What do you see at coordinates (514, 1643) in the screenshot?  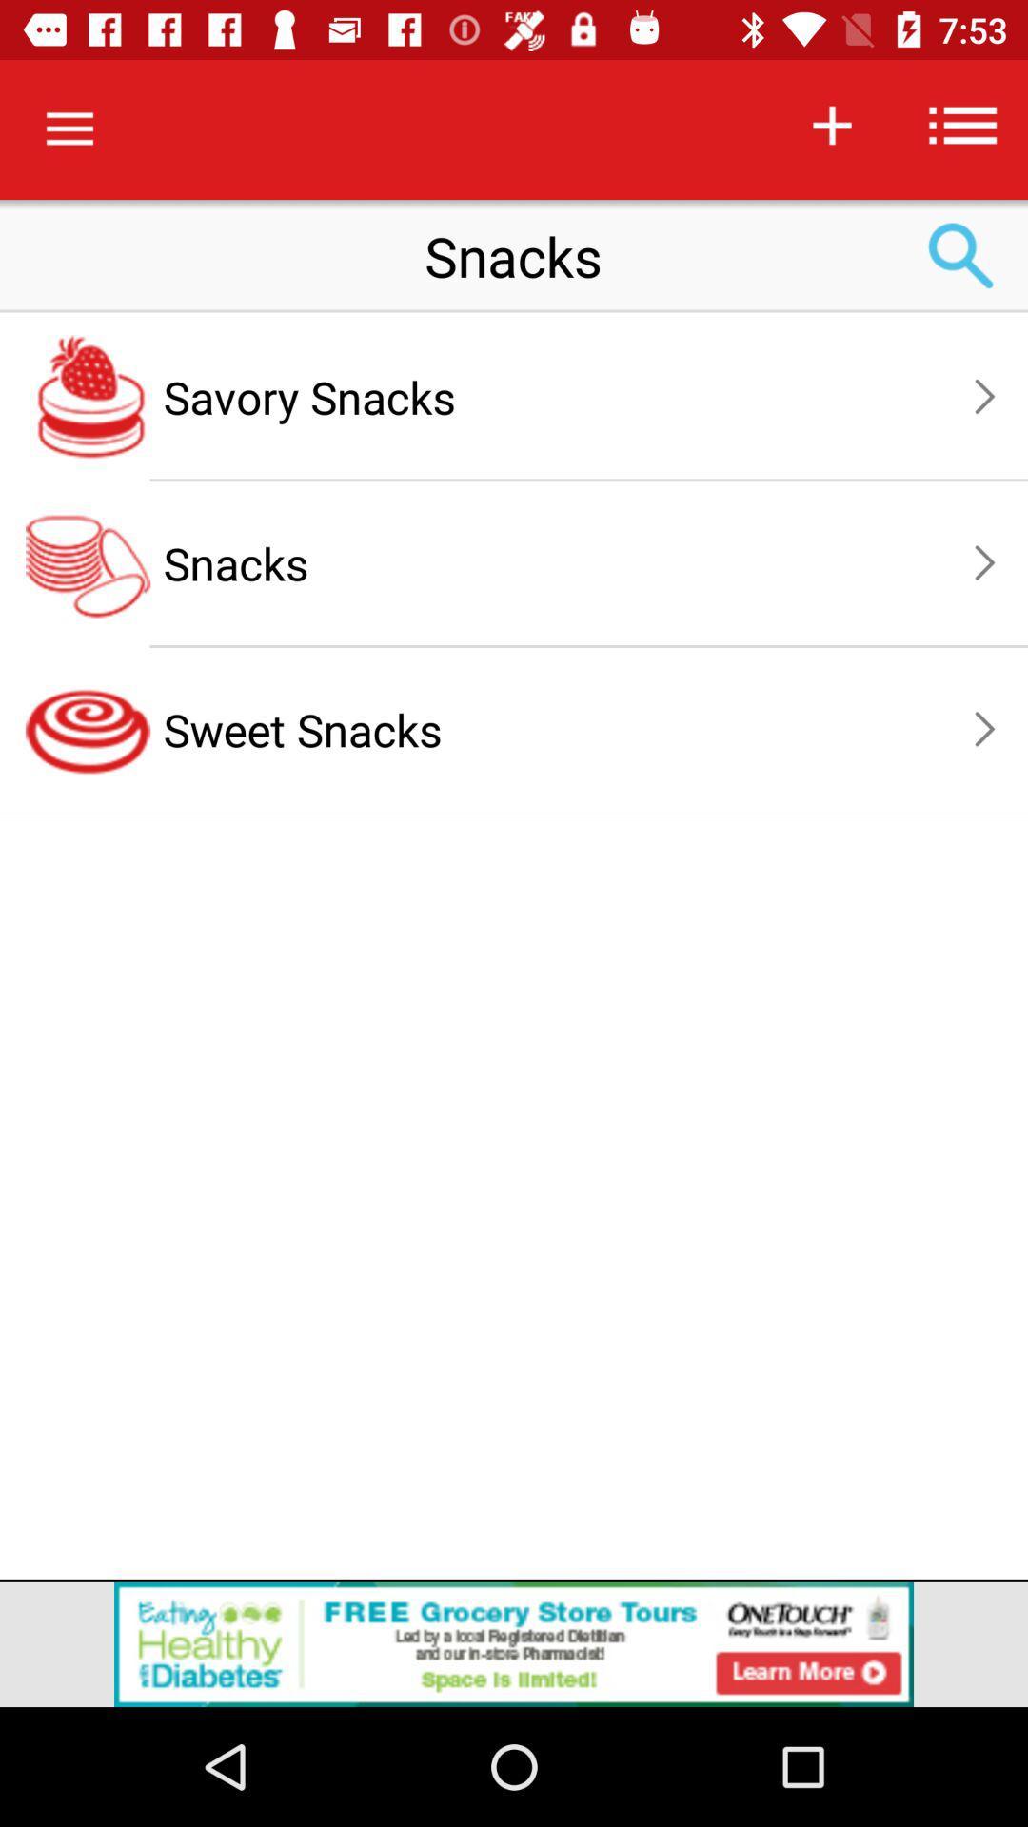 I see `advertisement` at bounding box center [514, 1643].